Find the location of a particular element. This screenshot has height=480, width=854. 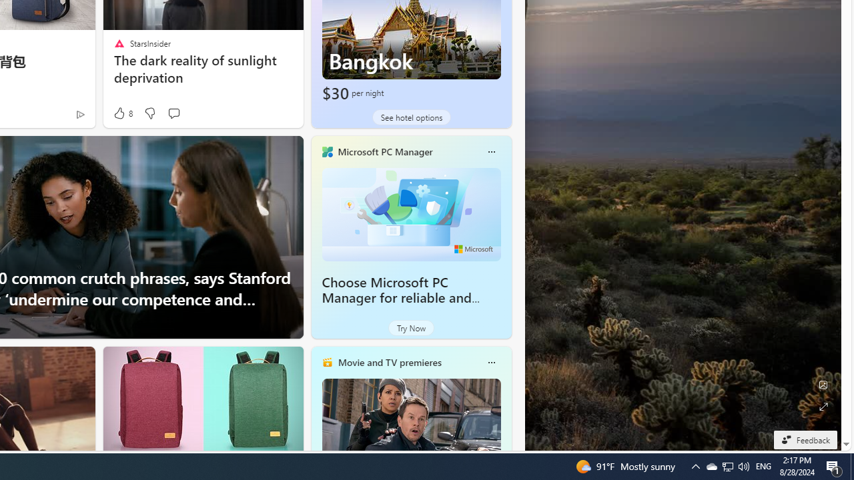

'Expand background' is located at coordinates (822, 406).